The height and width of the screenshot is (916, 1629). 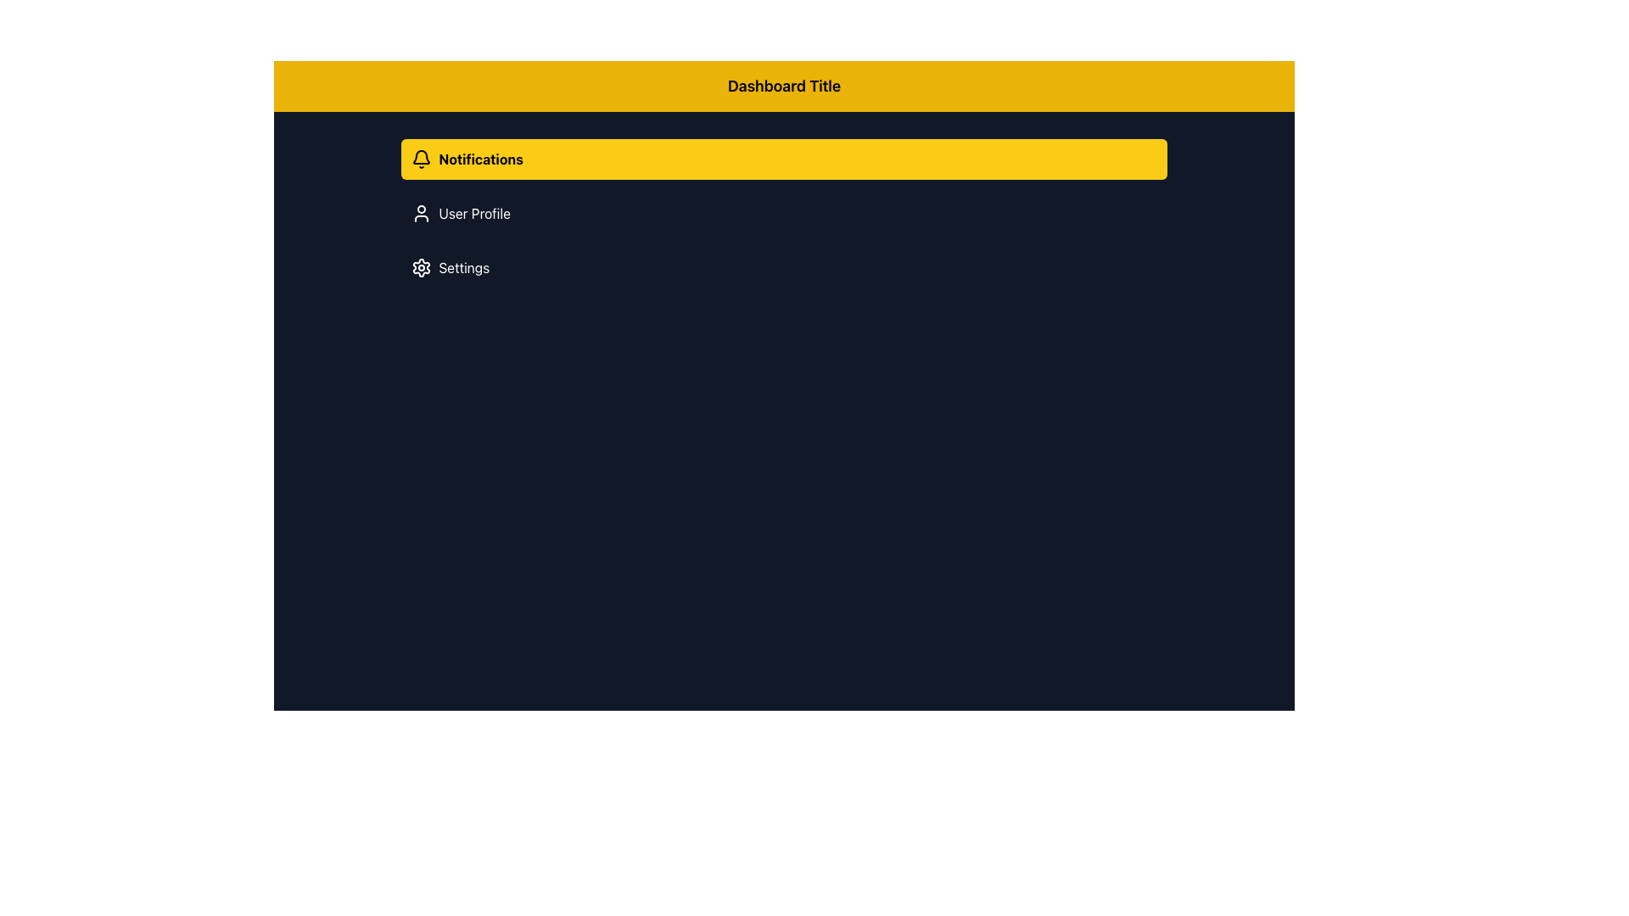 What do you see at coordinates (422, 212) in the screenshot?
I see `the outlined user icon` at bounding box center [422, 212].